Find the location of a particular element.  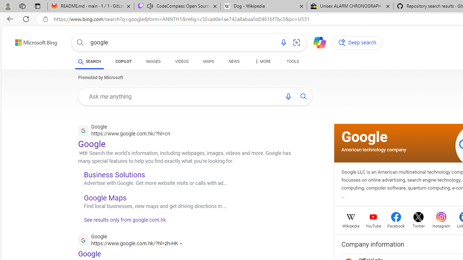

'Search using an image' is located at coordinates (297, 43).